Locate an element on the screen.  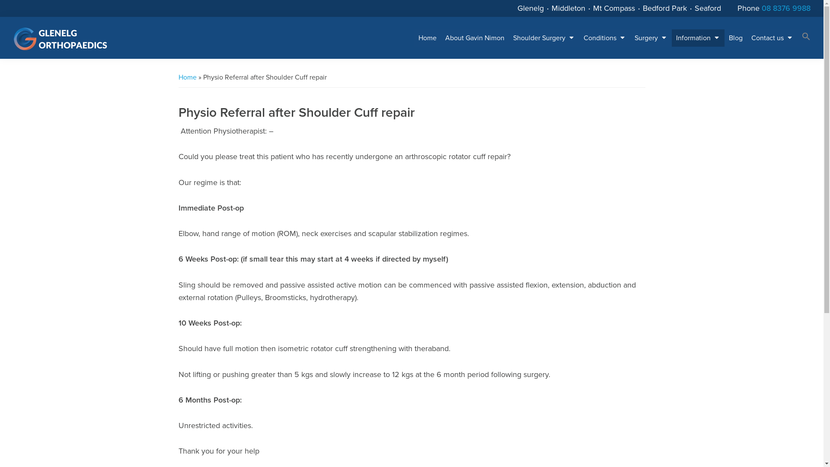
'Blog' is located at coordinates (735, 38).